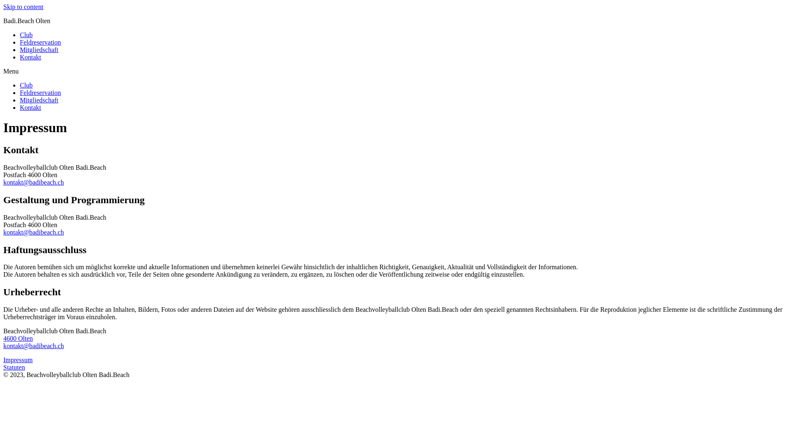 The width and height of the screenshot is (793, 446). Describe the element at coordinates (38, 100) in the screenshot. I see `'Mitgliedschaft'` at that location.